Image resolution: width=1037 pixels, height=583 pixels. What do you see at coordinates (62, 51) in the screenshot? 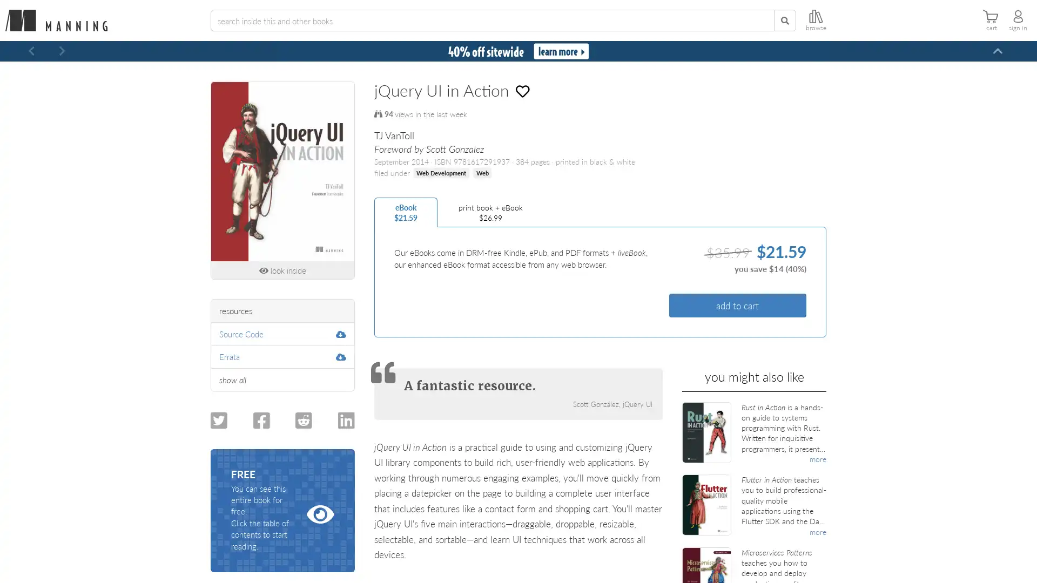
I see `Next` at bounding box center [62, 51].